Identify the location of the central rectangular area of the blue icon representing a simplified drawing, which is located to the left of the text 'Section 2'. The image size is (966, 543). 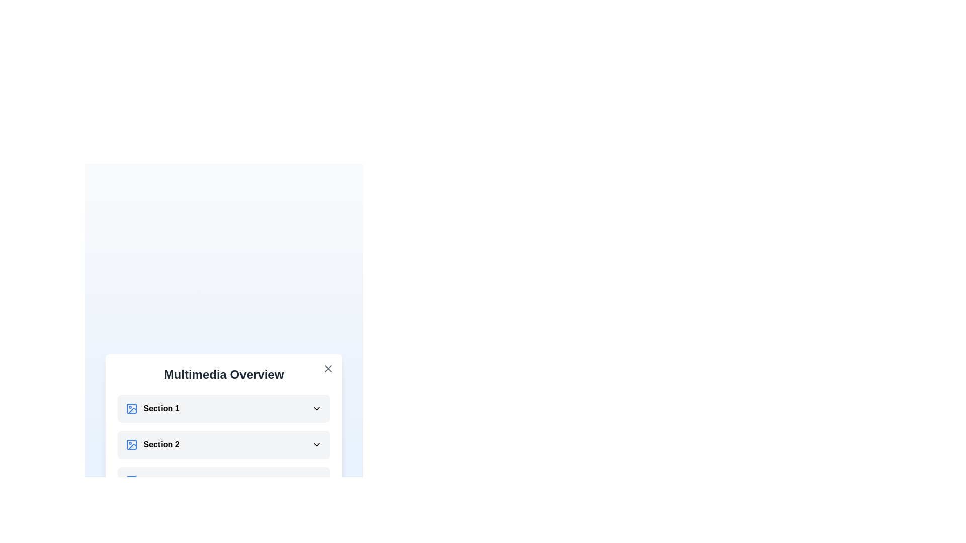
(131, 444).